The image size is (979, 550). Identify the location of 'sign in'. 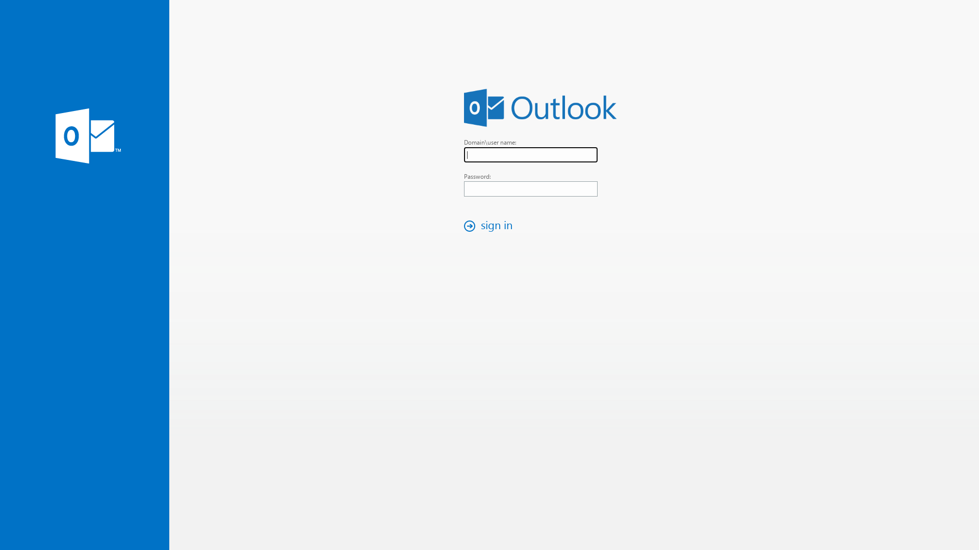
(491, 225).